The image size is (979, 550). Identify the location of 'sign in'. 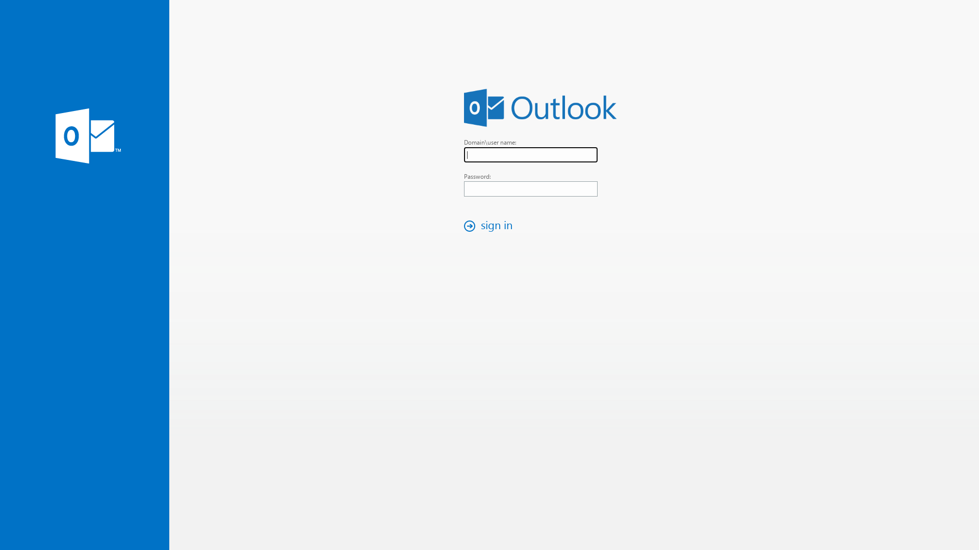
(491, 225).